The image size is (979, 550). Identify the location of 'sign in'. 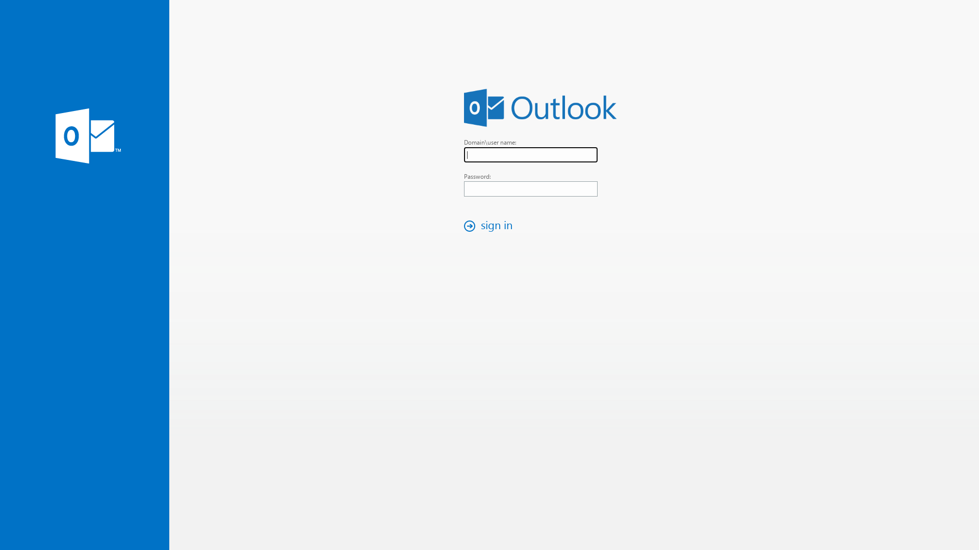
(491, 225).